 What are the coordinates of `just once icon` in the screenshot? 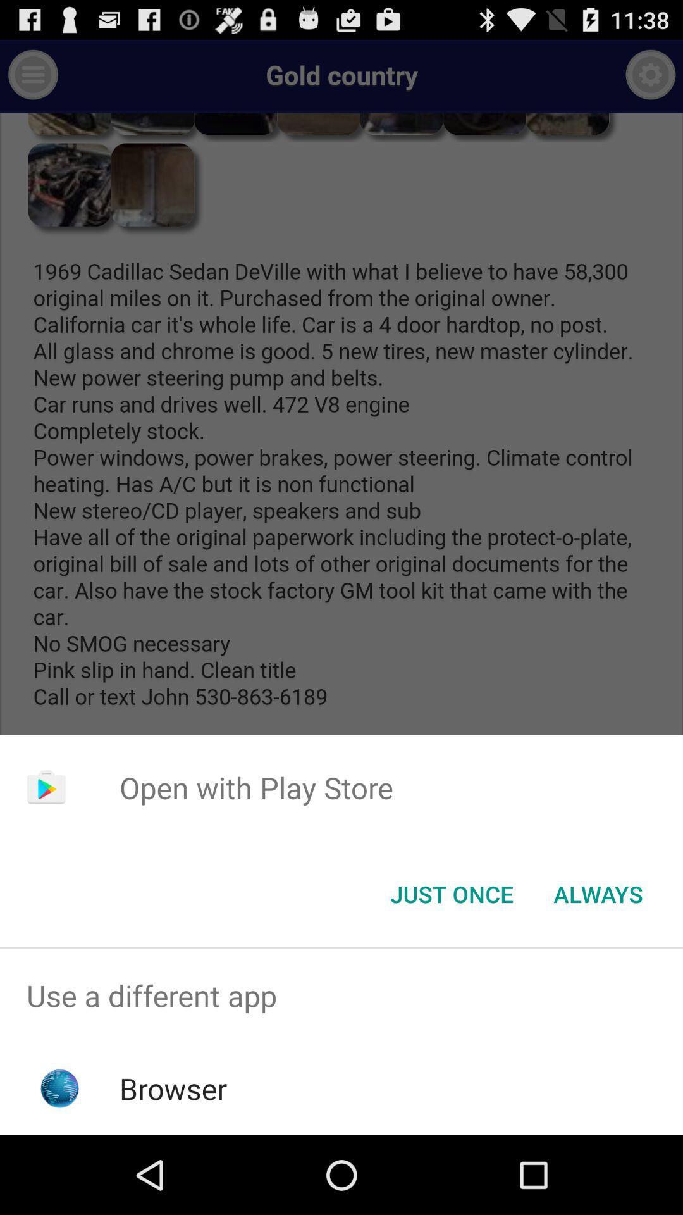 It's located at (451, 893).